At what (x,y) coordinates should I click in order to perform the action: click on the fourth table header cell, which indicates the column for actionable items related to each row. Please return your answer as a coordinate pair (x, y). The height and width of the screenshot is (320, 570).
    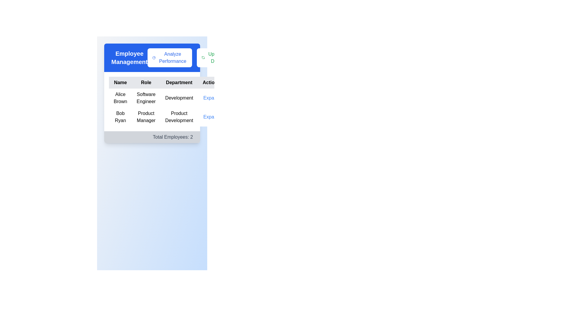
    Looking at the image, I should click on (211, 82).